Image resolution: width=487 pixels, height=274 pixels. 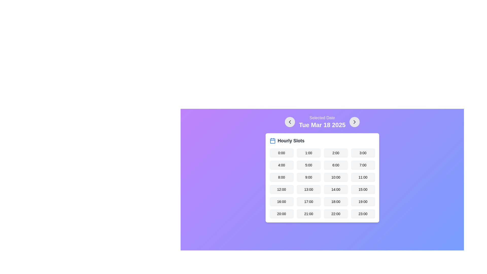 I want to click on the button in the fifth row and second column of the 'Hourly Slots' section, so click(x=308, y=201).